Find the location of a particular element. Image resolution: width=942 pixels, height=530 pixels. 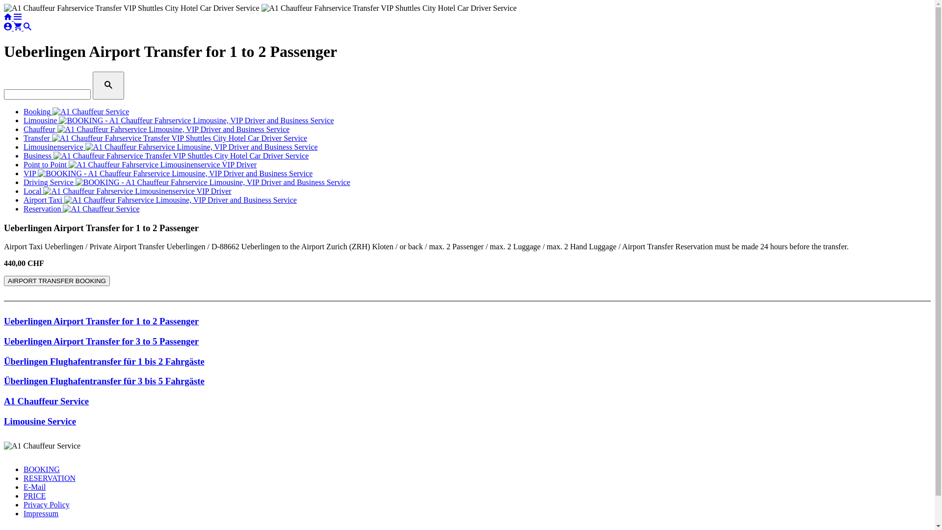

'BOOKING' is located at coordinates (41, 469).